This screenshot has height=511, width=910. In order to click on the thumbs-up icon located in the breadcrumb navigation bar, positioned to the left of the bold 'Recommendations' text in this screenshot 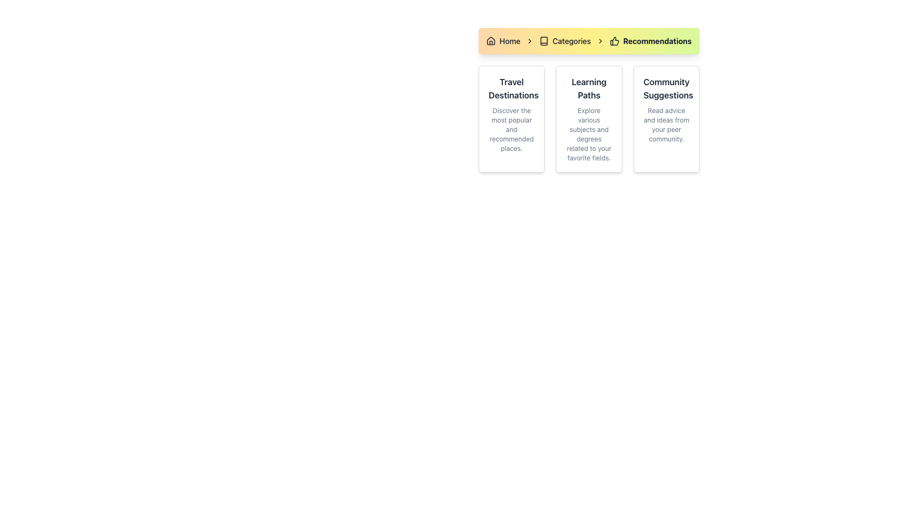, I will do `click(614, 41)`.